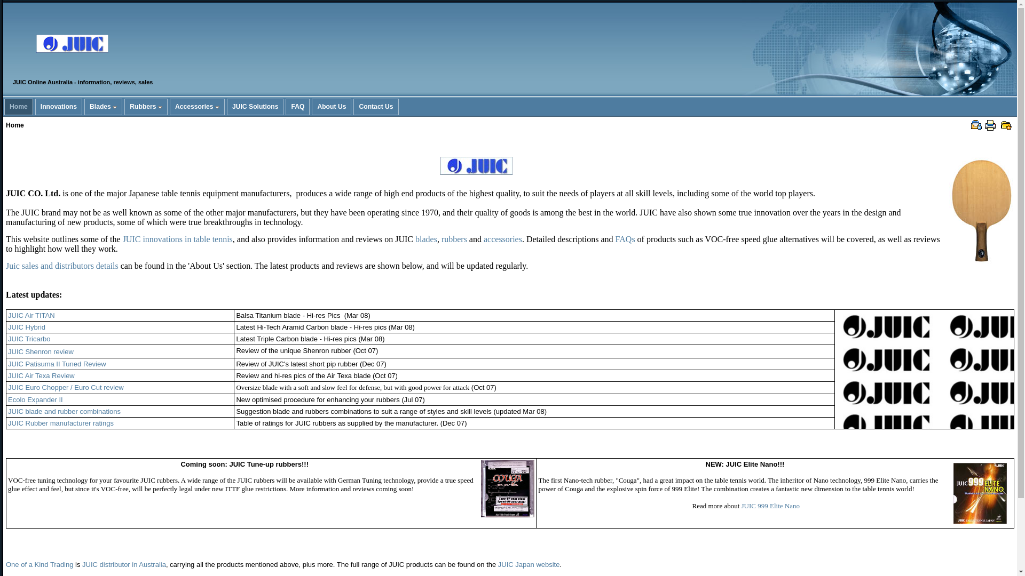  Describe the element at coordinates (26, 326) in the screenshot. I see `'JUIC Hybrid'` at that location.